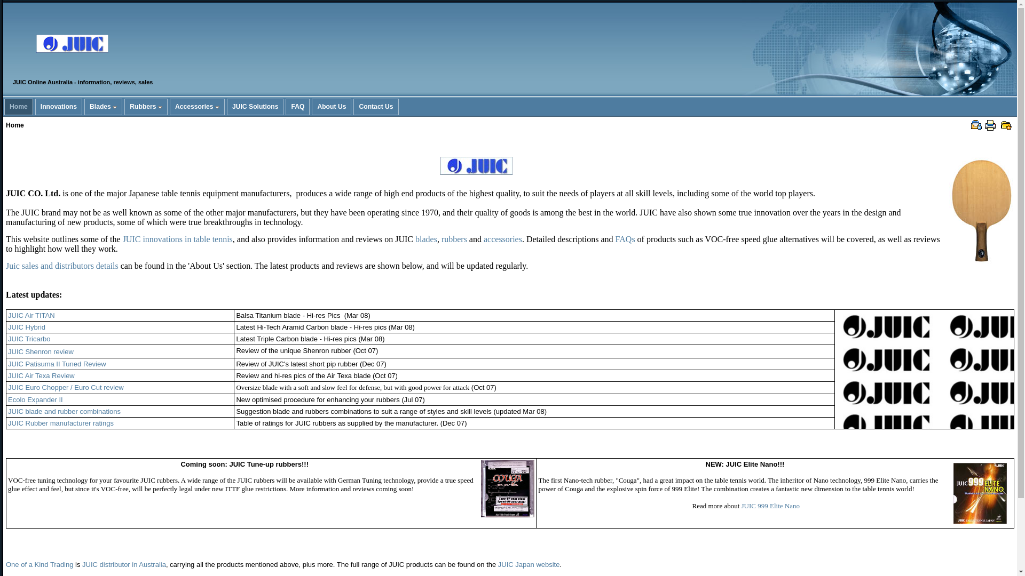  Describe the element at coordinates (26, 326) in the screenshot. I see `'JUIC Hybrid'` at that location.